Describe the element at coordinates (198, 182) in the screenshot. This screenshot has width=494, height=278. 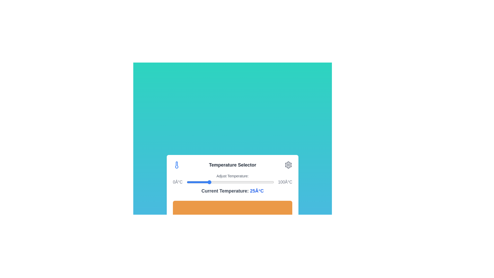
I see `the temperature to 13°C by moving the slider` at that location.